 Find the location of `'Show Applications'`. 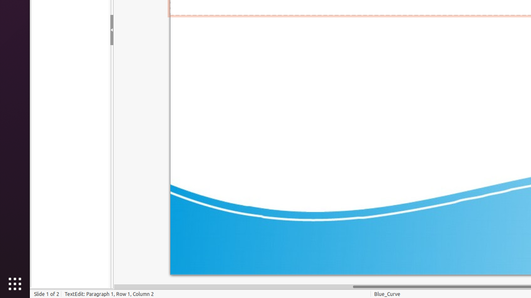

'Show Applications' is located at coordinates (15, 284).